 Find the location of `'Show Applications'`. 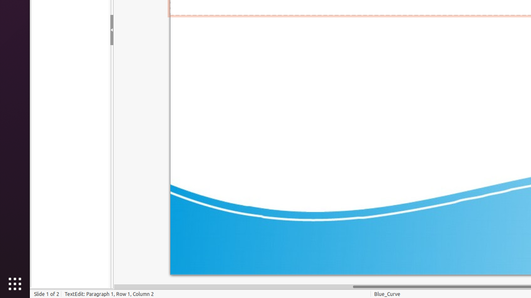

'Show Applications' is located at coordinates (15, 284).